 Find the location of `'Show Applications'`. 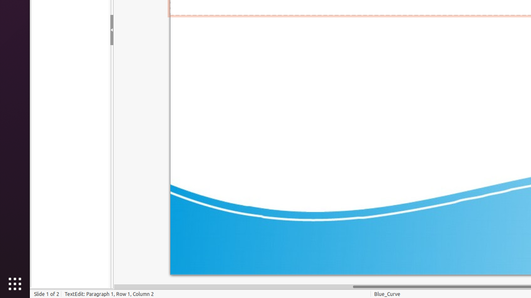

'Show Applications' is located at coordinates (15, 284).